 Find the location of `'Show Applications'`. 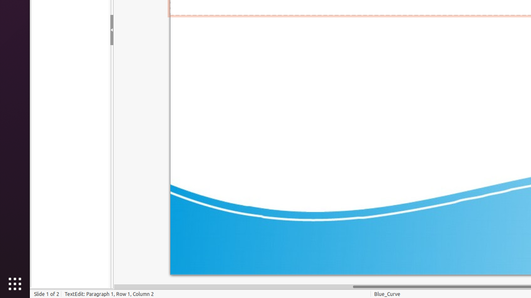

'Show Applications' is located at coordinates (15, 284).